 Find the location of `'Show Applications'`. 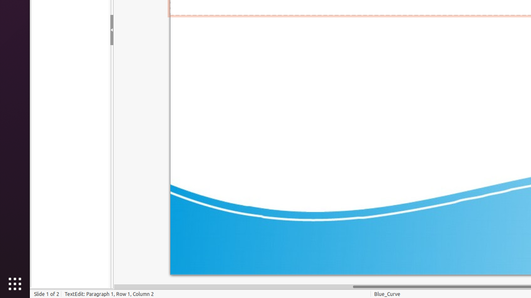

'Show Applications' is located at coordinates (15, 284).